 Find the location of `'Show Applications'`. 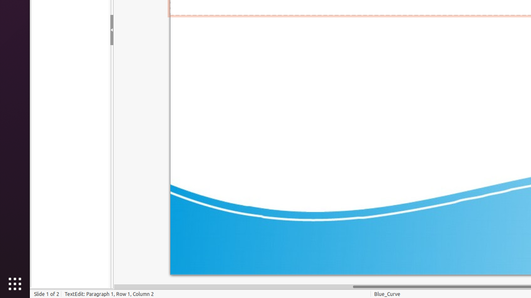

'Show Applications' is located at coordinates (15, 284).